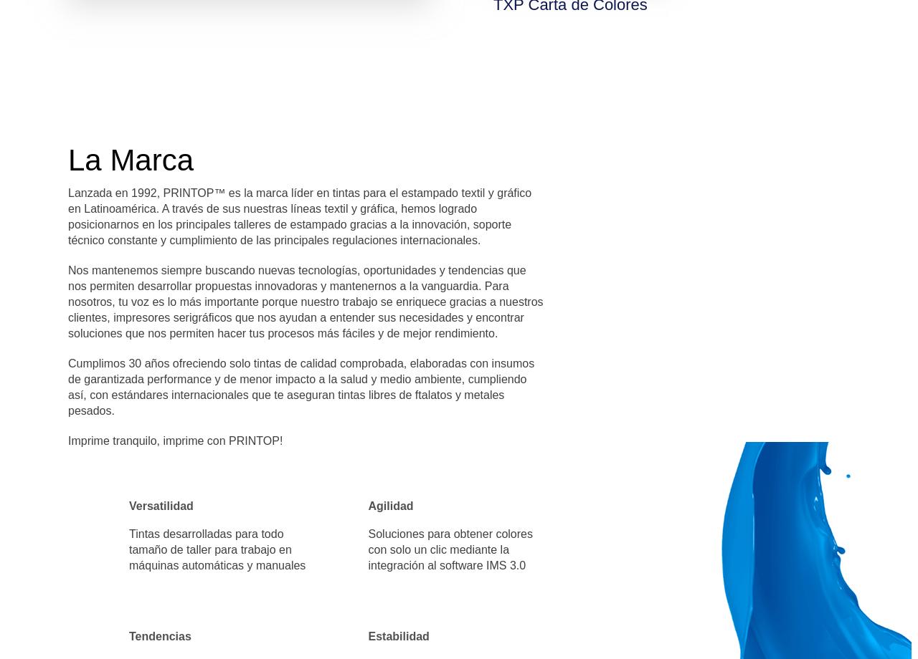 Image resolution: width=918 pixels, height=659 pixels. I want to click on 'Soluciones para obtener colores con solo un clic mediante la integración al software IMS 3.0', so click(449, 549).